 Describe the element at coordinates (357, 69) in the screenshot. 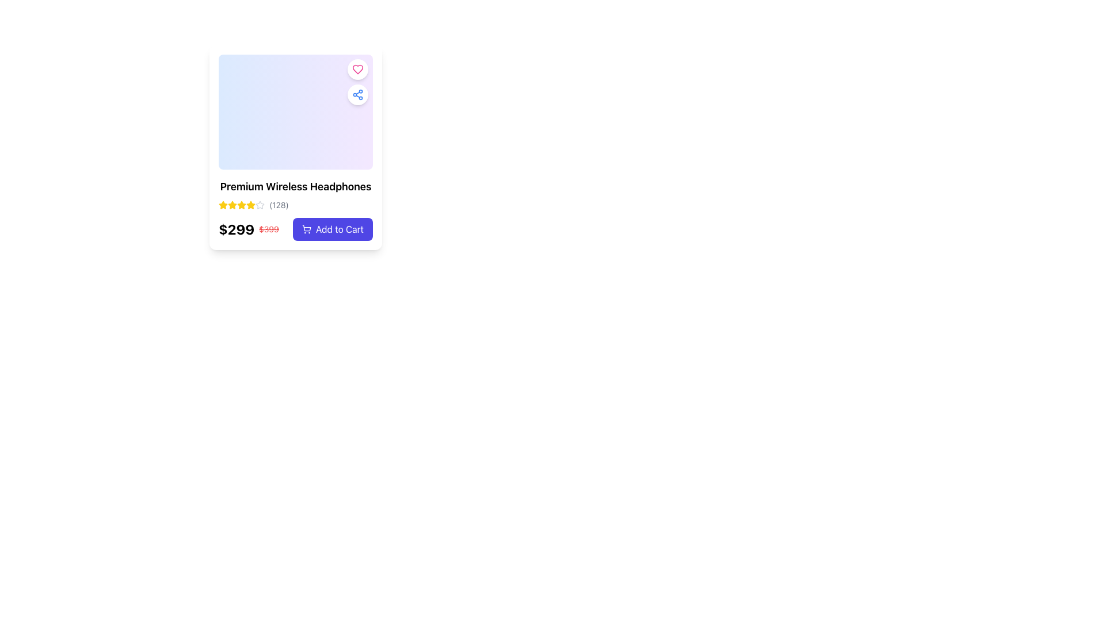

I see `the Icon button located in the top-right corner of the product card` at that location.